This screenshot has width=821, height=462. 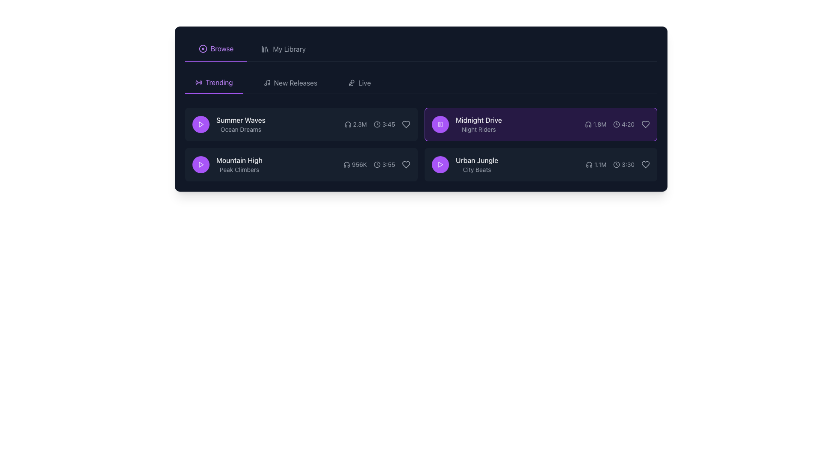 What do you see at coordinates (478, 120) in the screenshot?
I see `text label displaying 'Midnight Drive' which is styled in white font against a dark purple background, located in the upper section of the song item card` at bounding box center [478, 120].